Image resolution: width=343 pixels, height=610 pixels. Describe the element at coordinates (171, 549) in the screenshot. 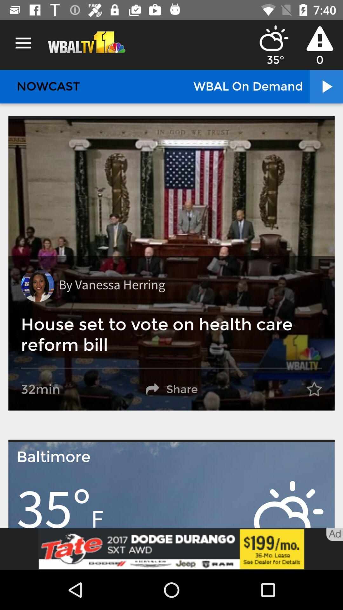

I see `open advertisement` at that location.